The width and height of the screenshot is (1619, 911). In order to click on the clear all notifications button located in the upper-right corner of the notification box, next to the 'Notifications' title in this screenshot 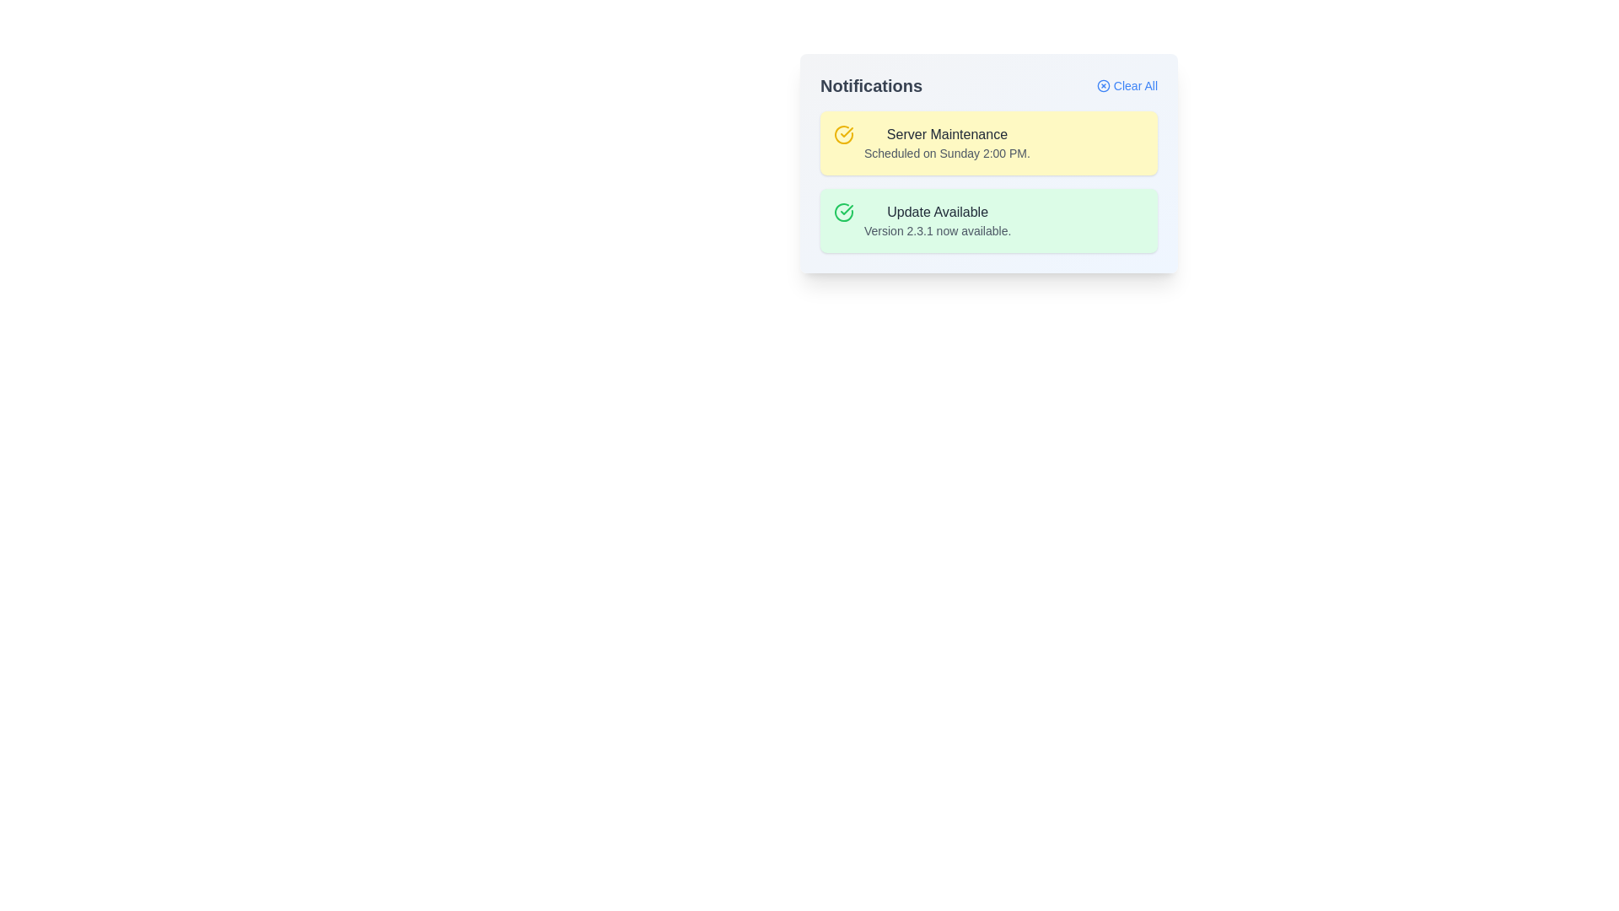, I will do `click(1126, 85)`.